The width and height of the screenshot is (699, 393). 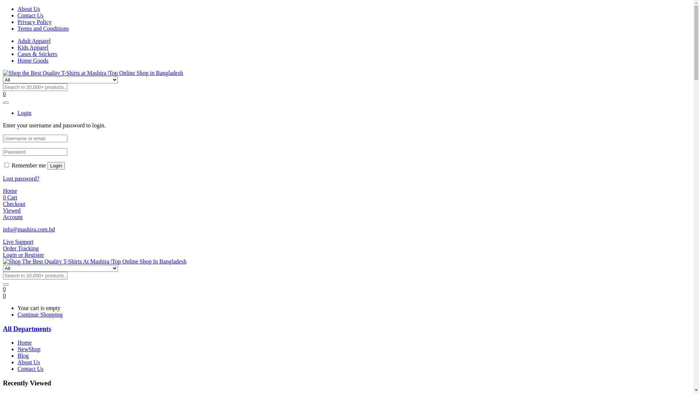 I want to click on 'Continue Shopping', so click(x=40, y=314).